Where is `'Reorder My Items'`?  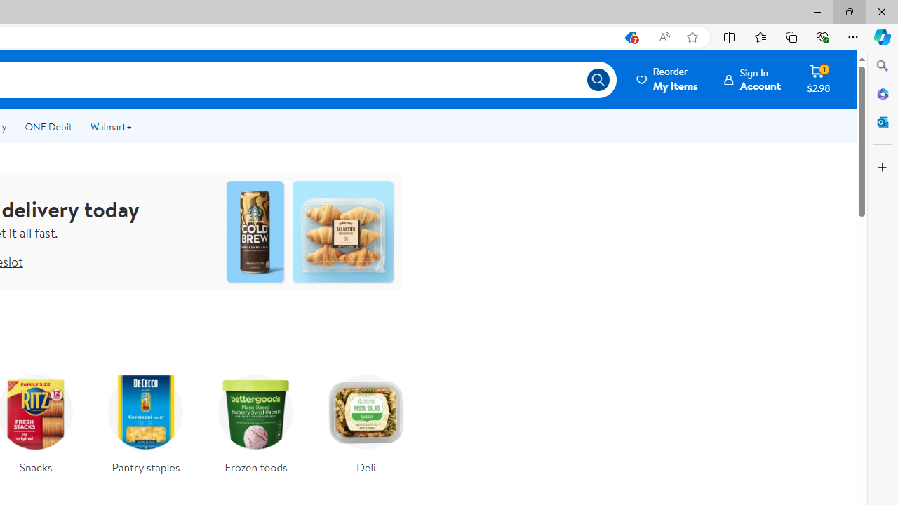 'Reorder My Items' is located at coordinates (667, 79).